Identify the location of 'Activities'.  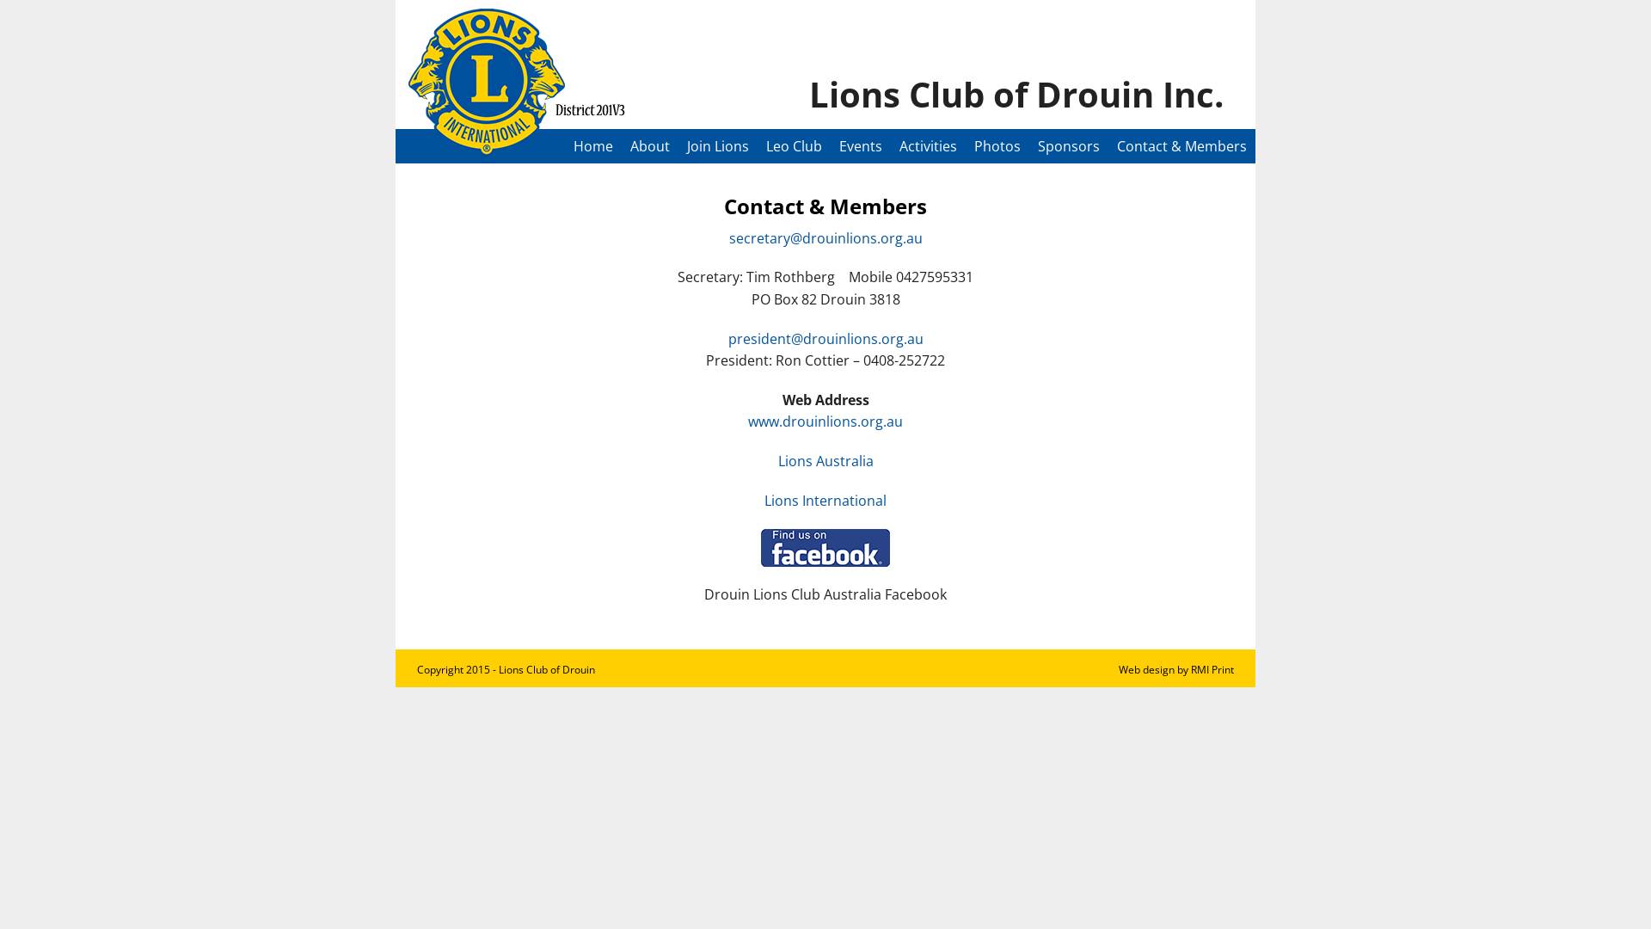
(927, 145).